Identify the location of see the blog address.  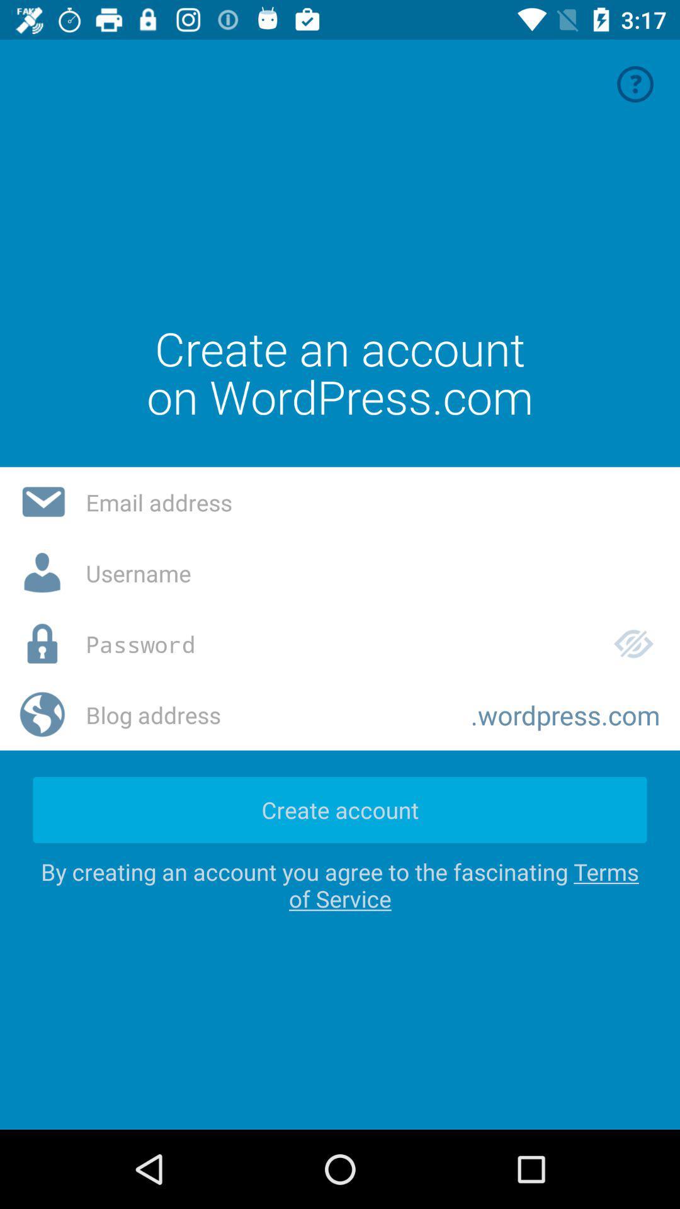
(268, 715).